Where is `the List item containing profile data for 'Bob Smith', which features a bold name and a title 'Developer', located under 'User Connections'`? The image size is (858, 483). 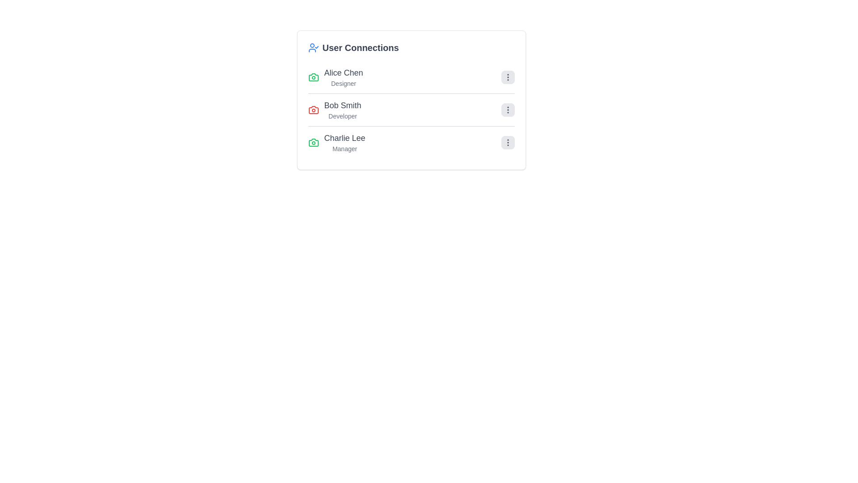 the List item containing profile data for 'Bob Smith', which features a bold name and a title 'Developer', located under 'User Connections' is located at coordinates (411, 110).